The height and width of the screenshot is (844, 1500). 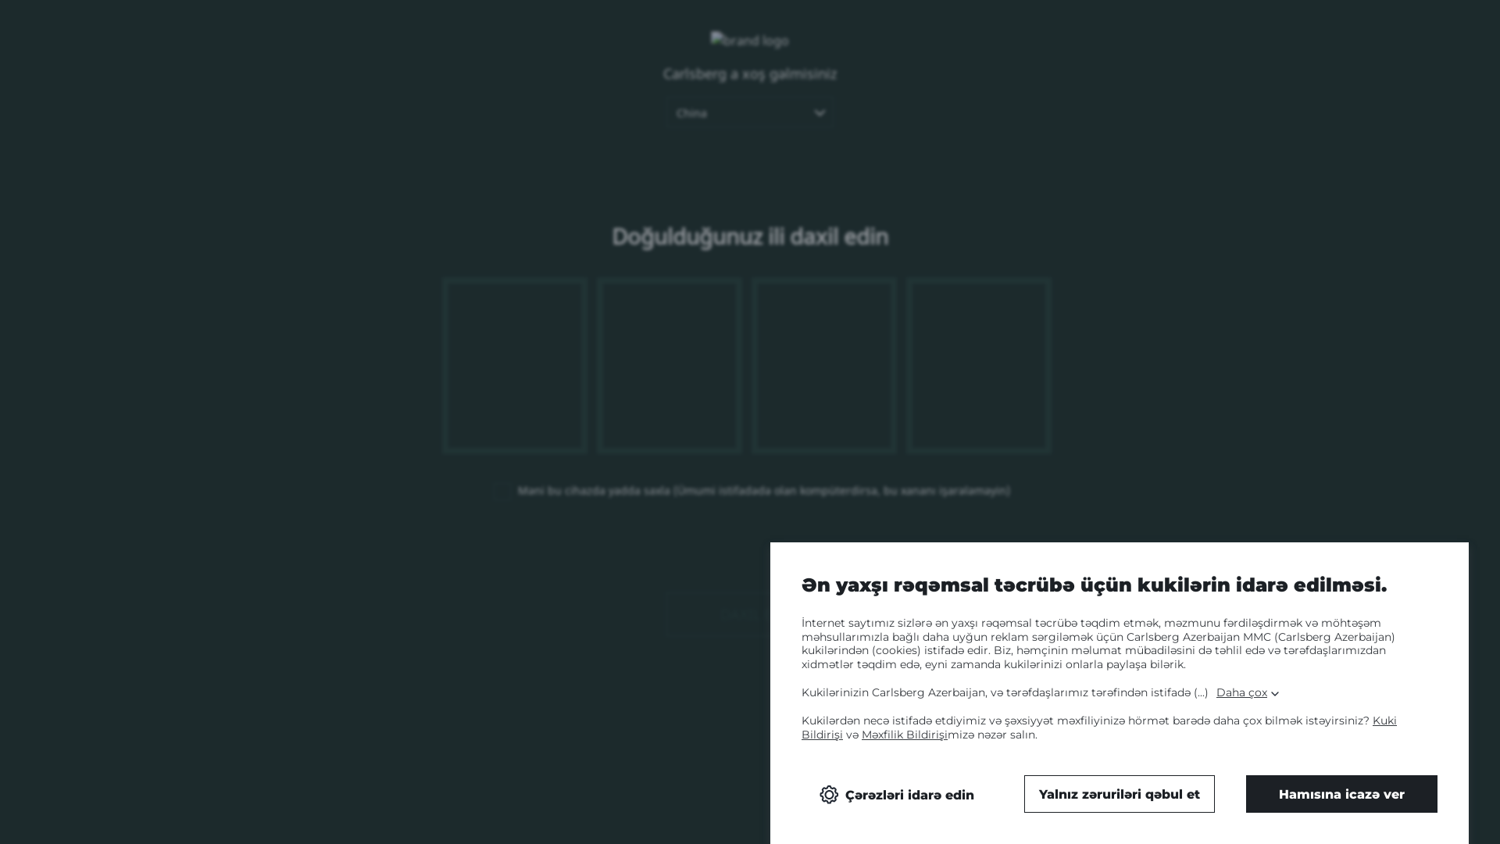 I want to click on 'China', so click(x=666, y=111).